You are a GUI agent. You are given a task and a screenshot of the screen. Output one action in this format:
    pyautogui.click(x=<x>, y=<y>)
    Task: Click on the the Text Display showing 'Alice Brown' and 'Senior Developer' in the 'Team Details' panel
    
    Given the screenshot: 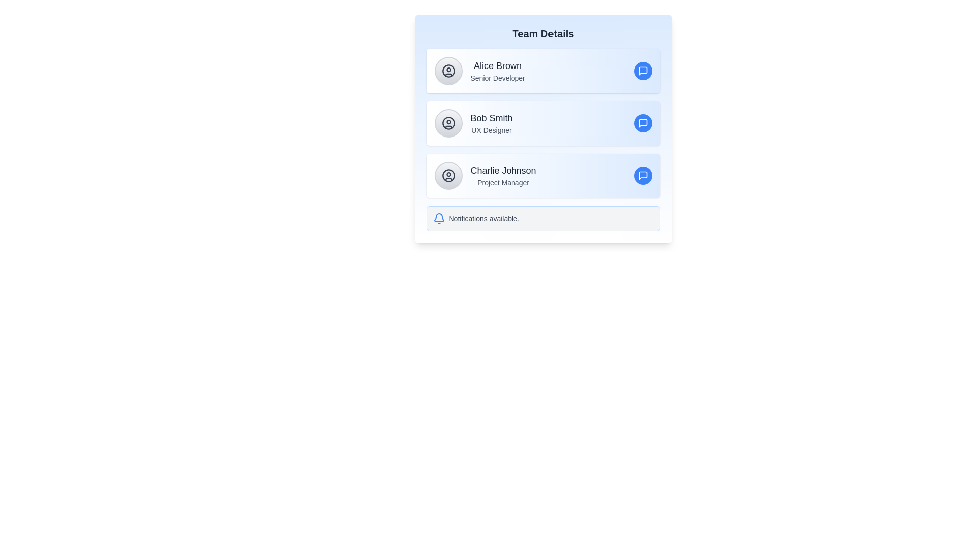 What is the action you would take?
    pyautogui.click(x=498, y=71)
    